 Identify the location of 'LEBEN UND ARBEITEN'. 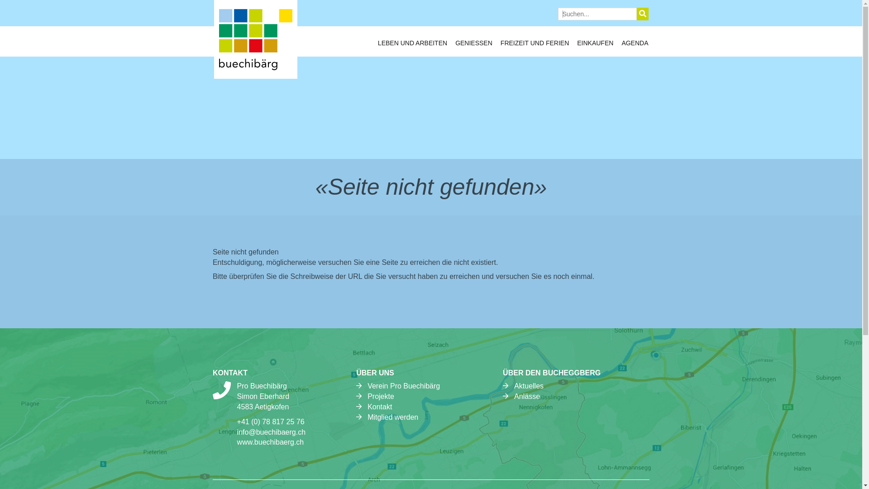
(378, 45).